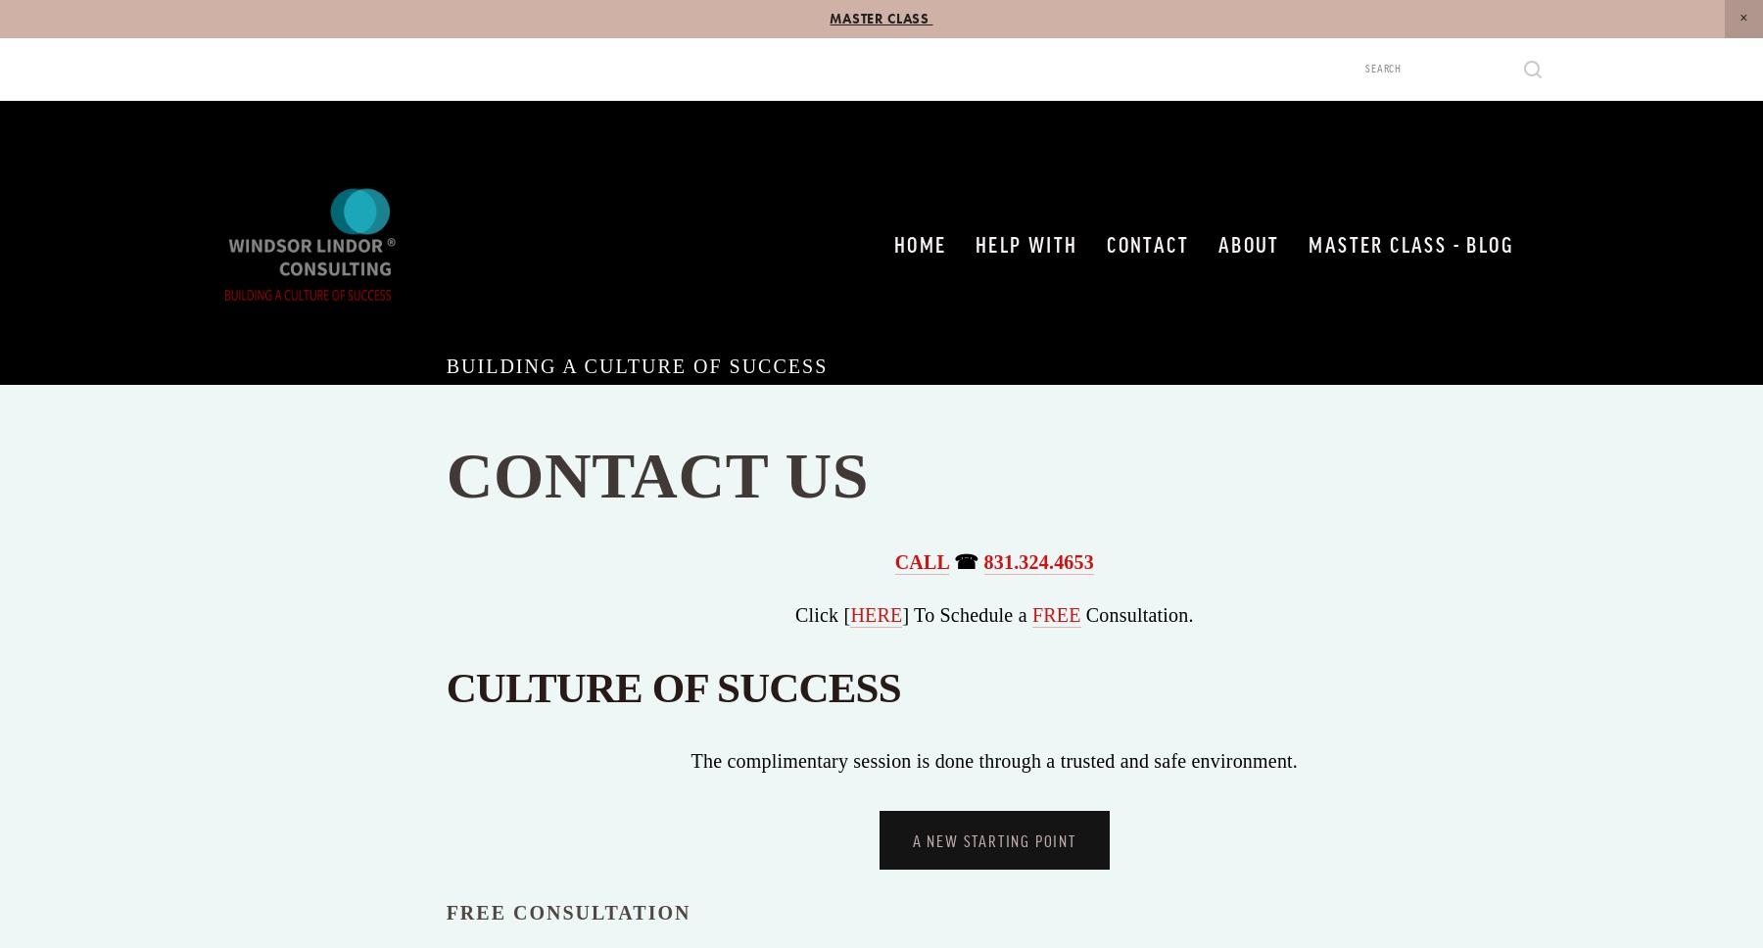 Image resolution: width=1763 pixels, height=948 pixels. What do you see at coordinates (920, 562) in the screenshot?
I see `'CALL'` at bounding box center [920, 562].